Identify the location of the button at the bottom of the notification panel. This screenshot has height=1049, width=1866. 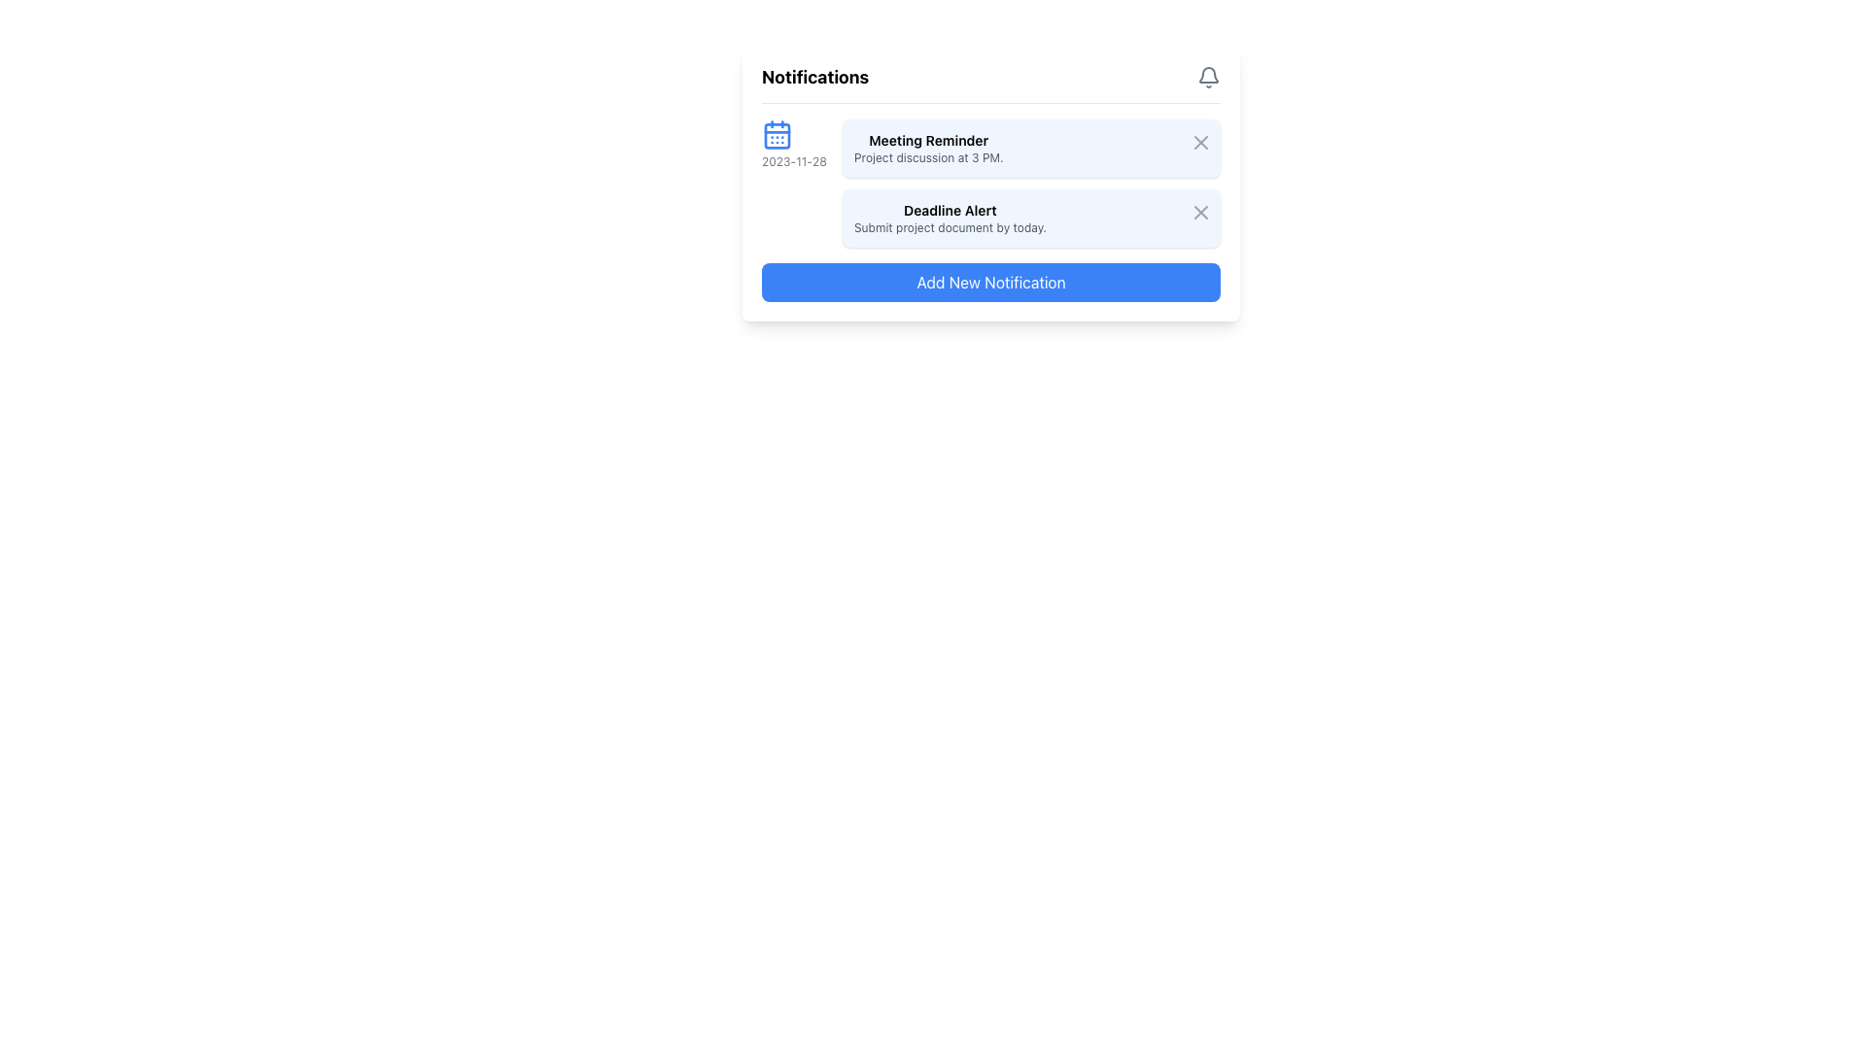
(990, 282).